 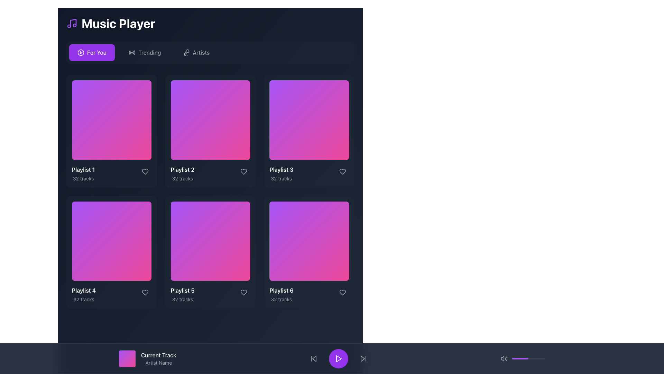 I want to click on the image thumbnail representing the playlist, located, so click(x=309, y=119).